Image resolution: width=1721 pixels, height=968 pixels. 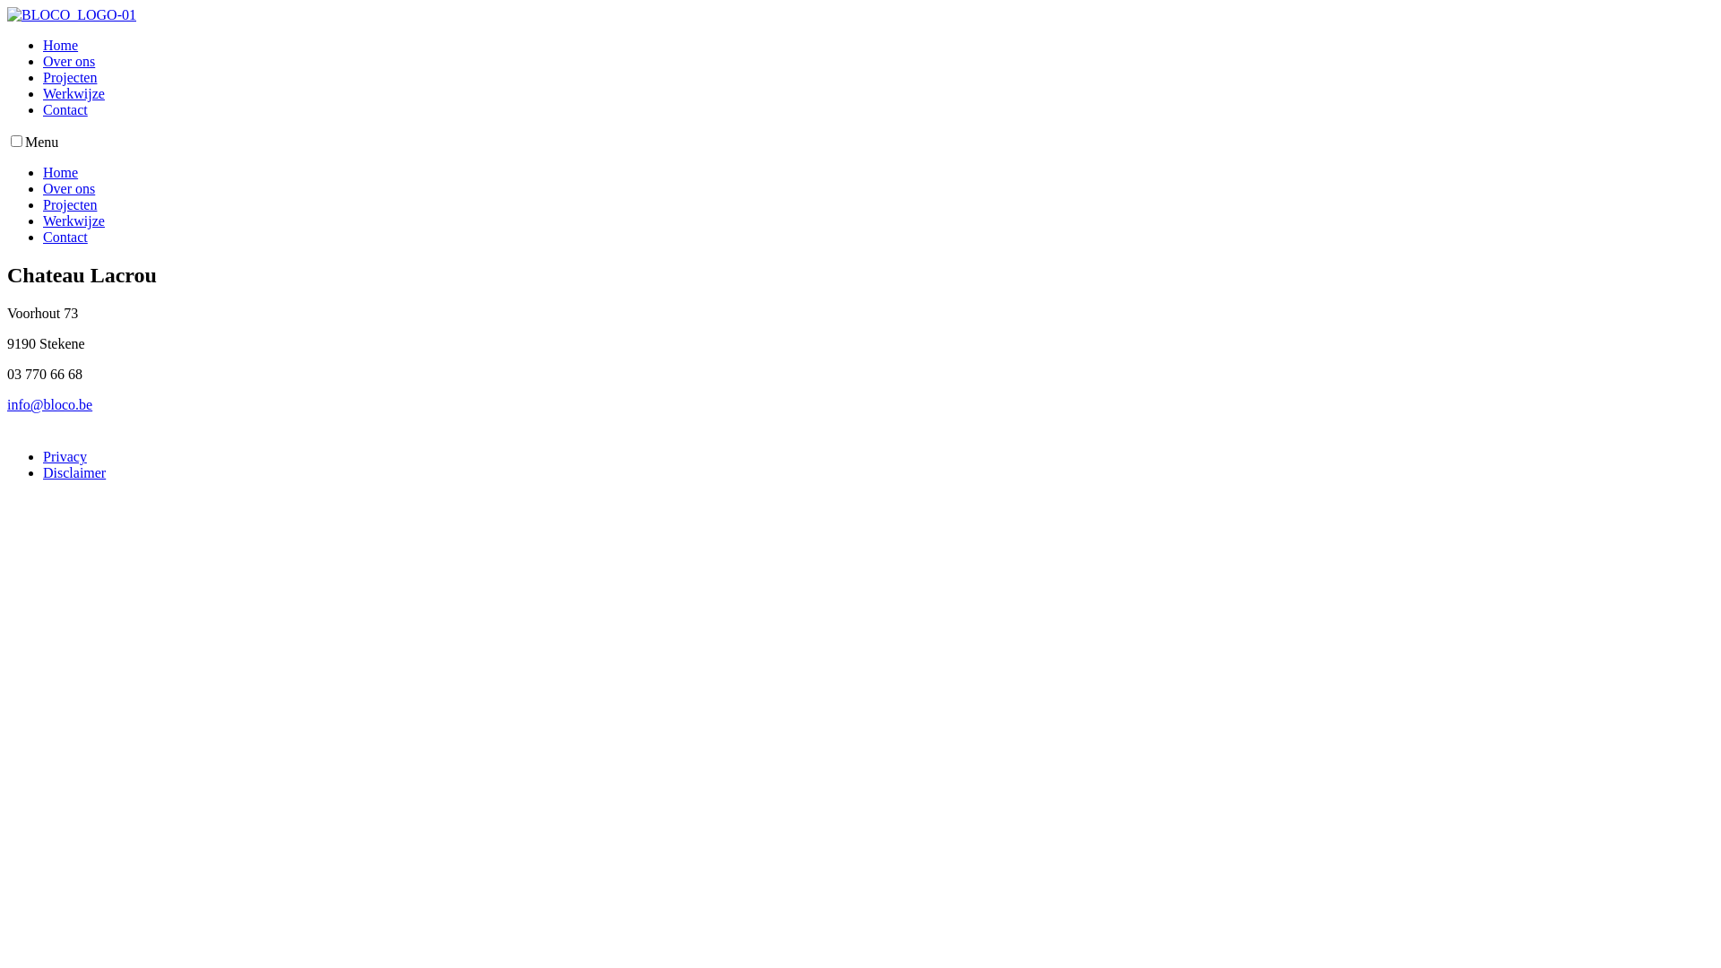 I want to click on 'info@bloco.be', so click(x=7, y=404).